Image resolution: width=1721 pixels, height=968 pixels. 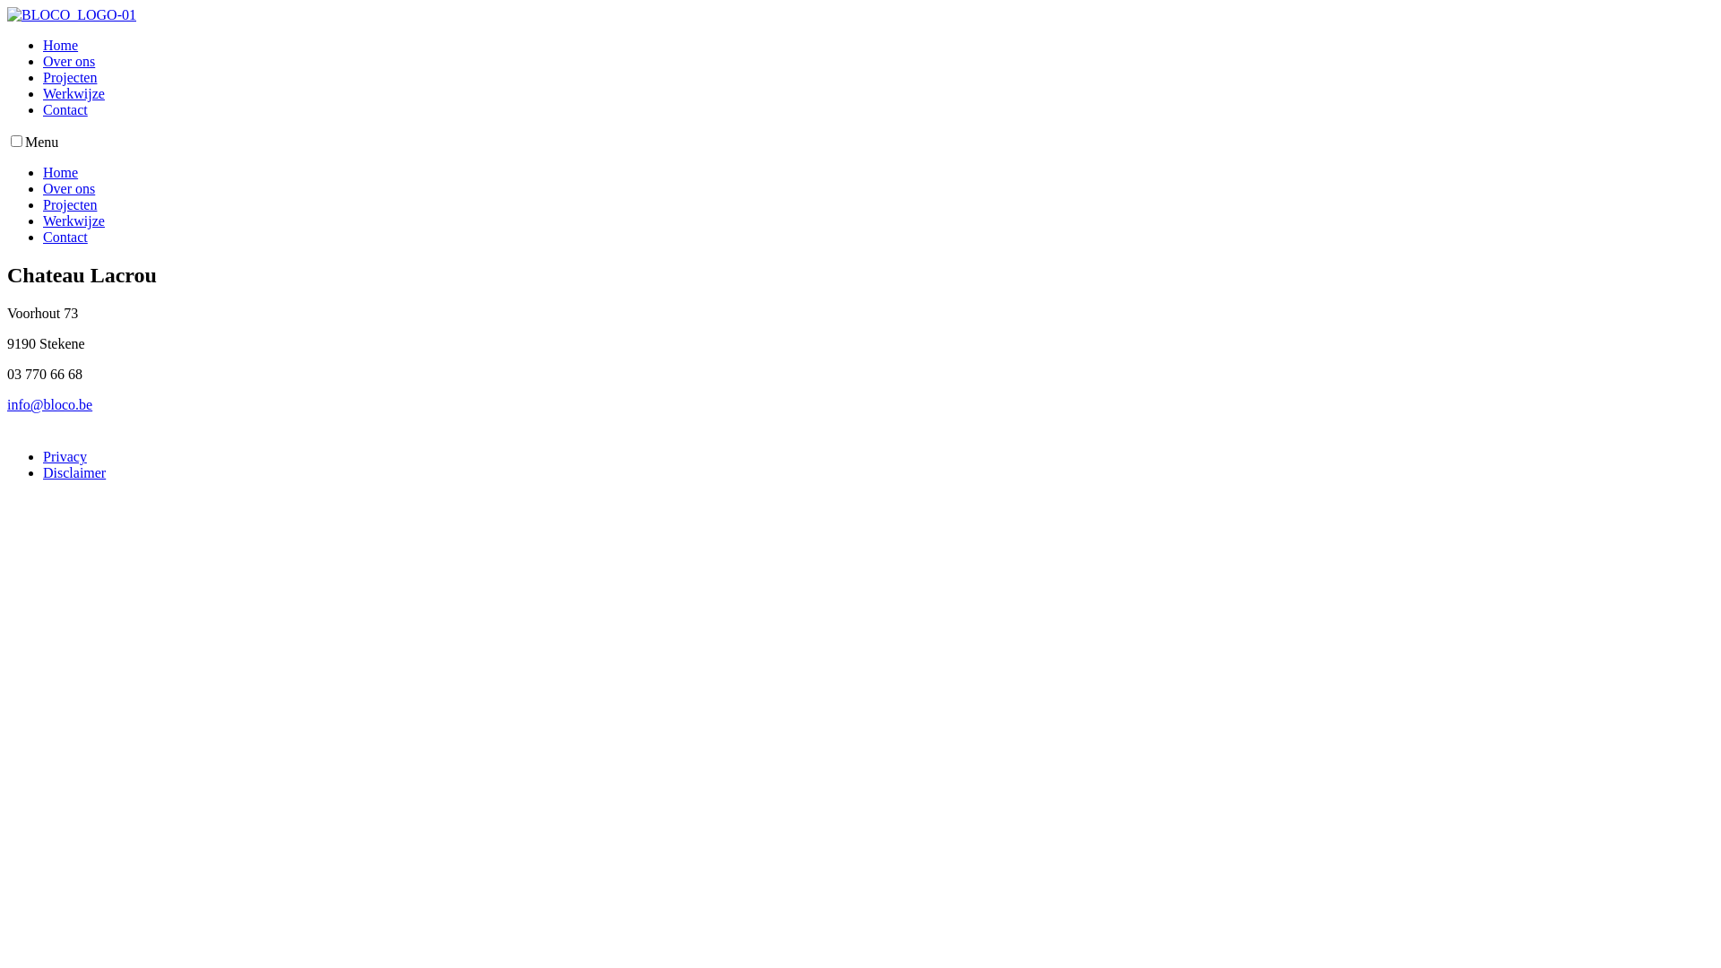 I want to click on 'info@bloco.be', so click(x=7, y=404).